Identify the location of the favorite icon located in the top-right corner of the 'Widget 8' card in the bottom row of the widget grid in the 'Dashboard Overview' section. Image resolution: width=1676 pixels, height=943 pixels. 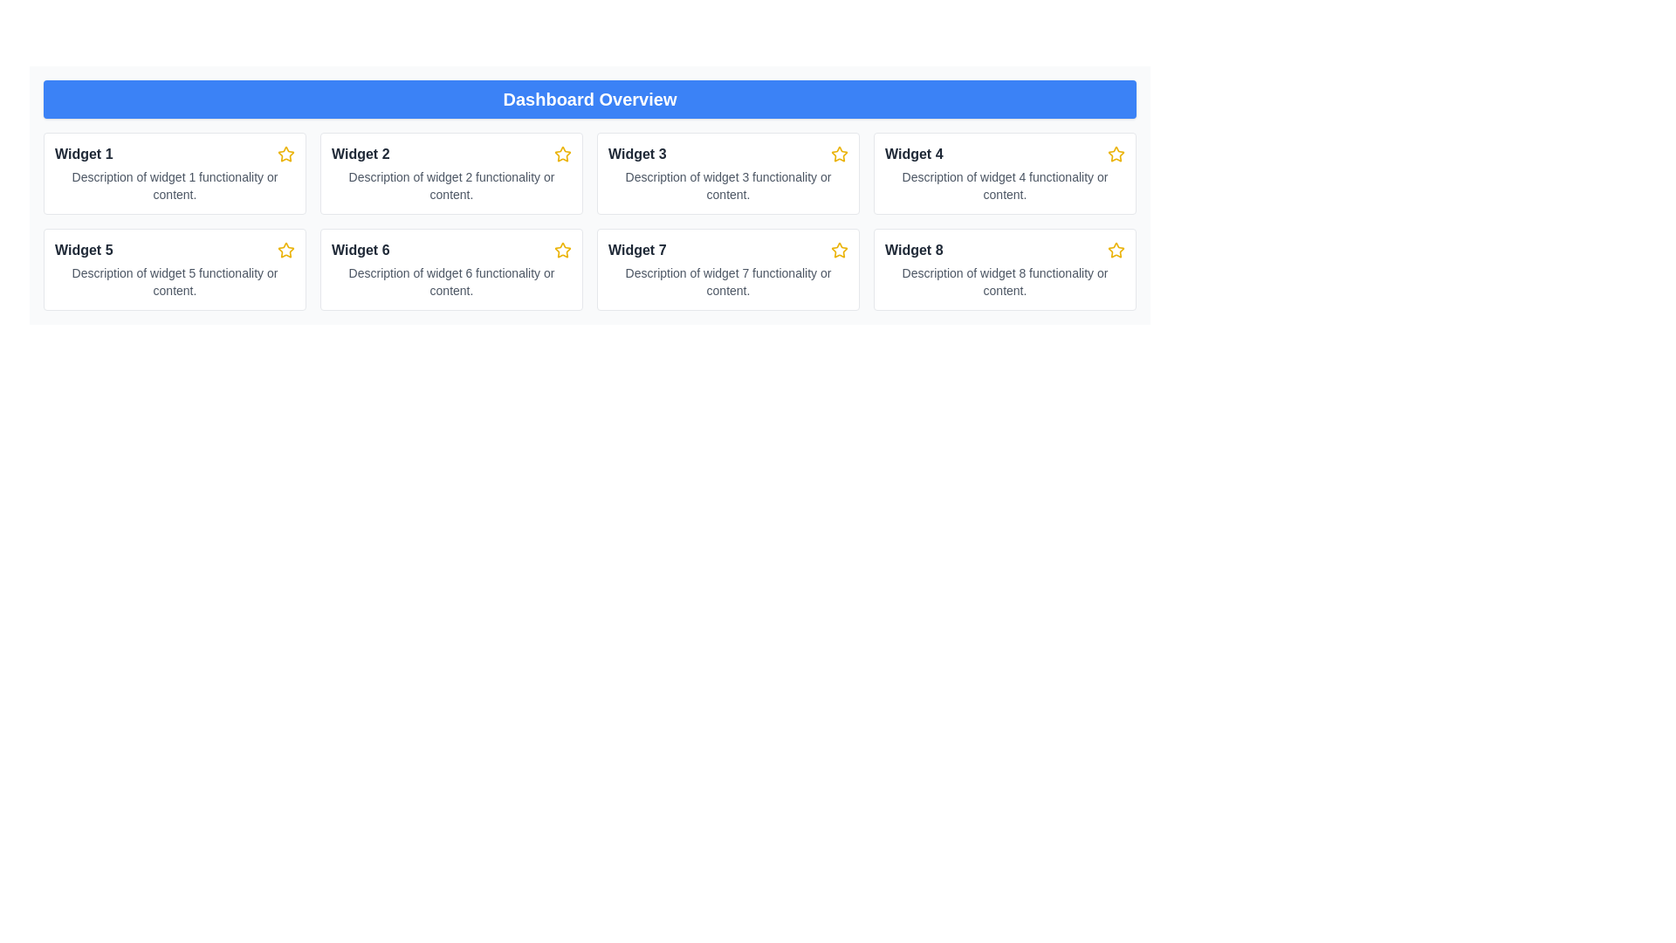
(1115, 250).